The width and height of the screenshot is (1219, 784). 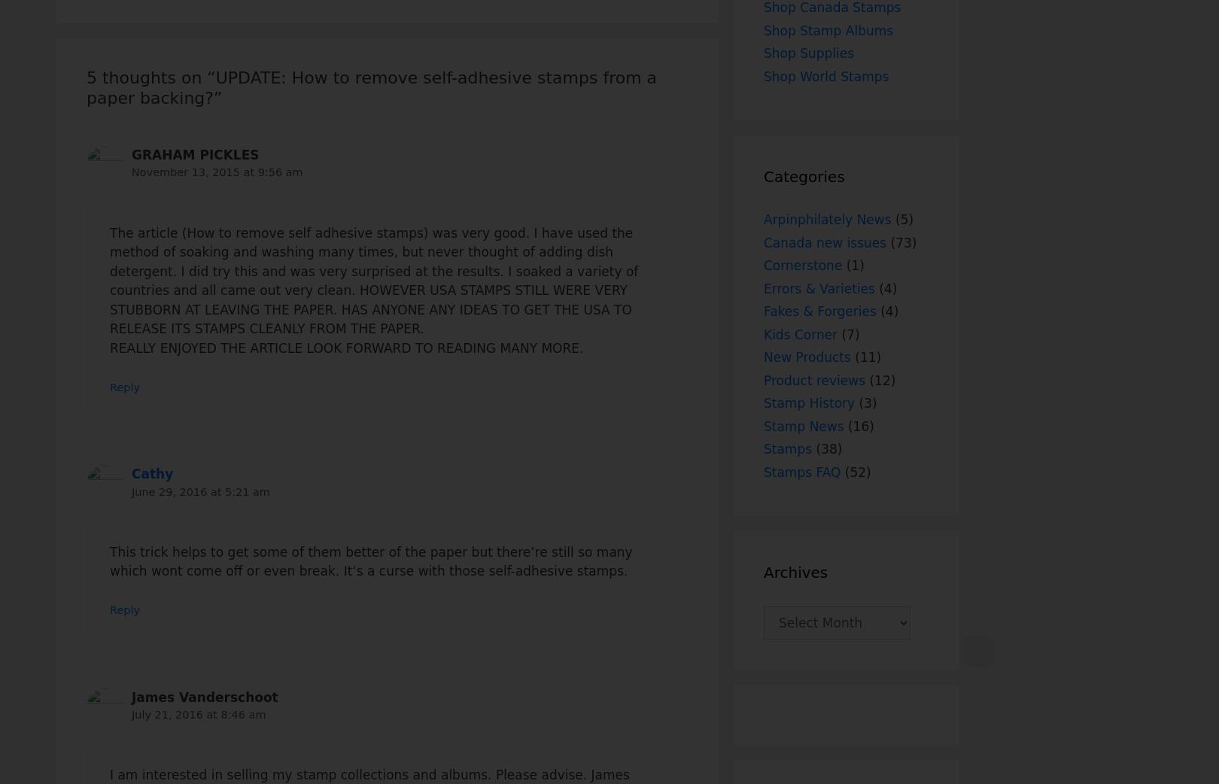 I want to click on '(1)', so click(x=852, y=265).